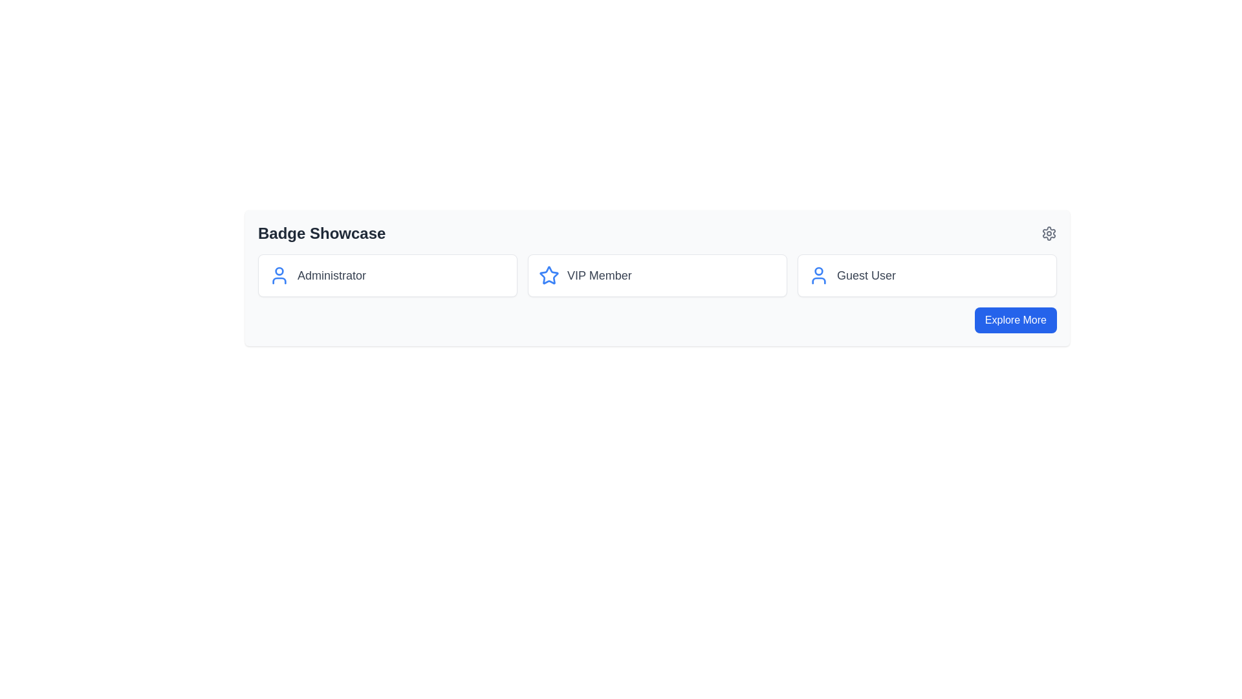 The image size is (1242, 699). Describe the element at coordinates (1049, 234) in the screenshot. I see `the icon button located at the top-right corner of the component group` at that location.